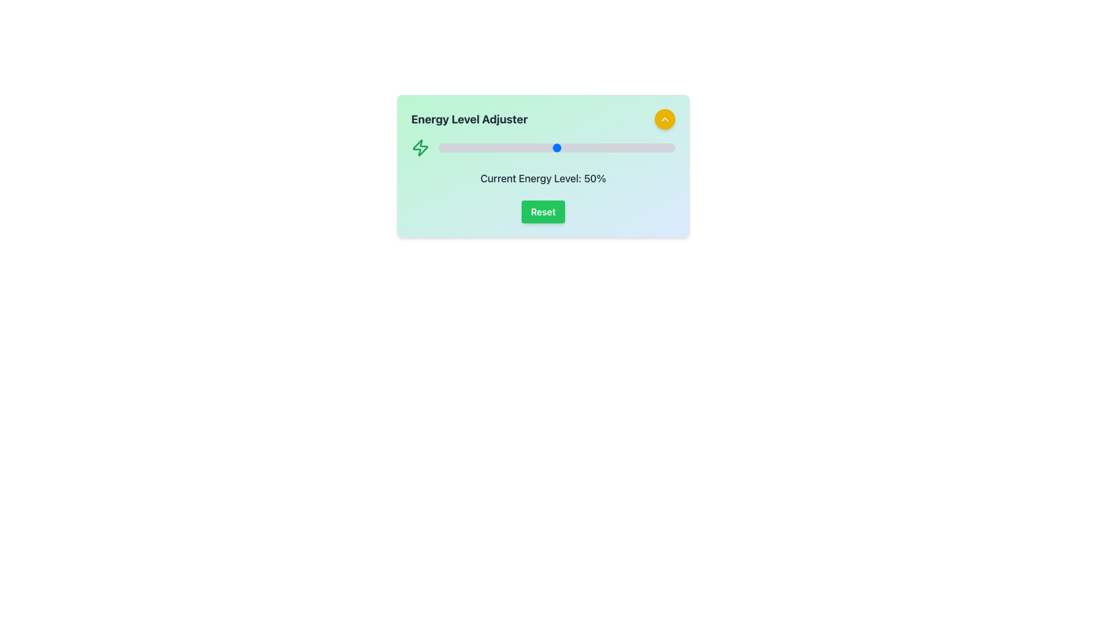 Image resolution: width=1097 pixels, height=617 pixels. I want to click on the energy level, so click(649, 147).